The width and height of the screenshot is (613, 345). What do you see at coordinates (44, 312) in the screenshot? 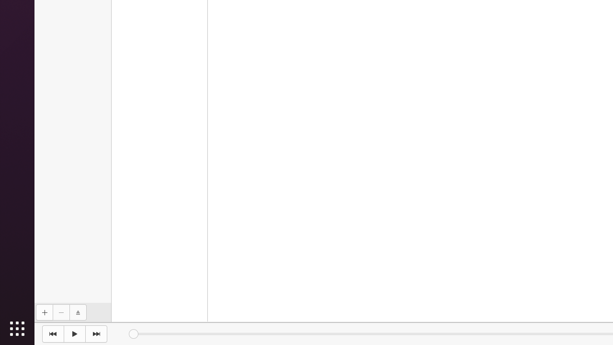
I see `'Add'` at bounding box center [44, 312].